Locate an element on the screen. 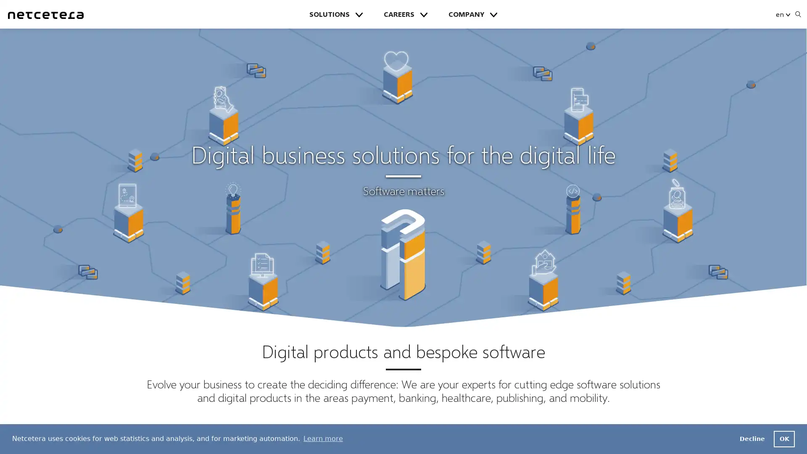  learn more about cookies is located at coordinates (322, 438).